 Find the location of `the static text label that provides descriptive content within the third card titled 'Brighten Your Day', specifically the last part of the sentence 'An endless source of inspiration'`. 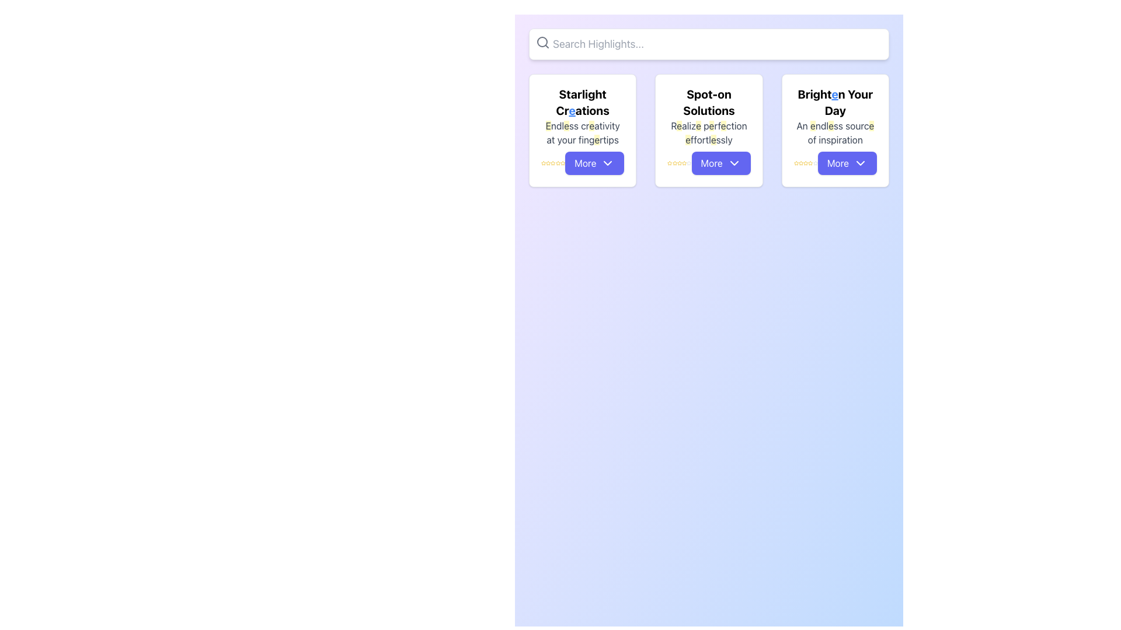

the static text label that provides descriptive content within the third card titled 'Brighten Your Day', specifically the last part of the sentence 'An endless source of inspiration' is located at coordinates (834, 139).